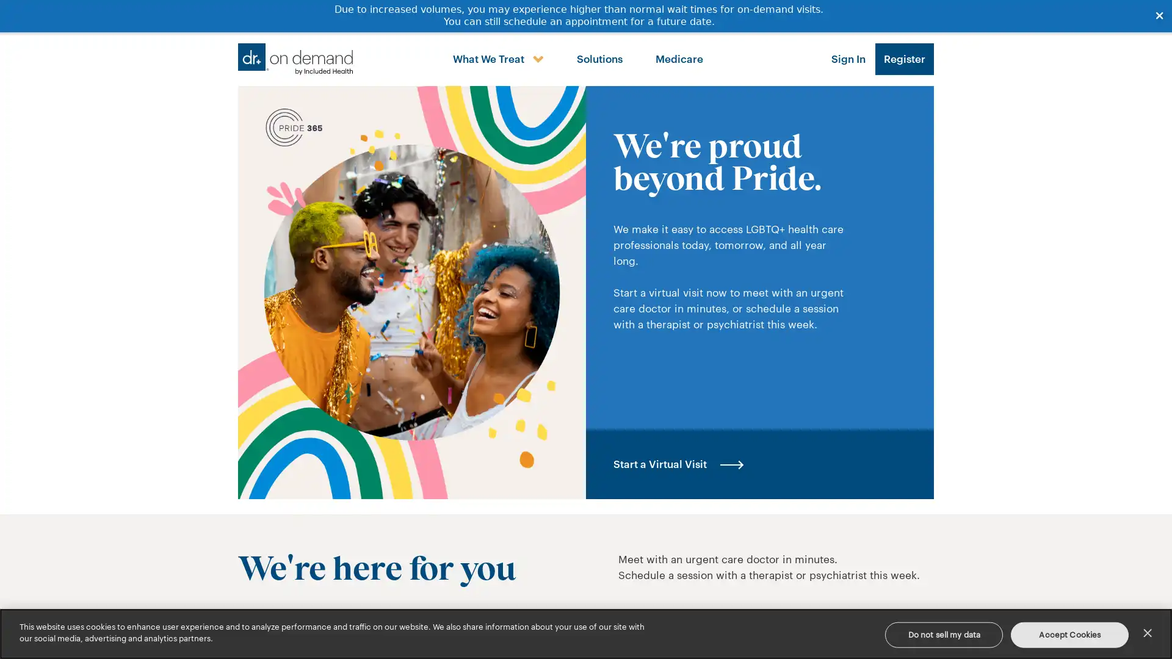 The width and height of the screenshot is (1172, 659). I want to click on Do not sell my data, so click(943, 634).